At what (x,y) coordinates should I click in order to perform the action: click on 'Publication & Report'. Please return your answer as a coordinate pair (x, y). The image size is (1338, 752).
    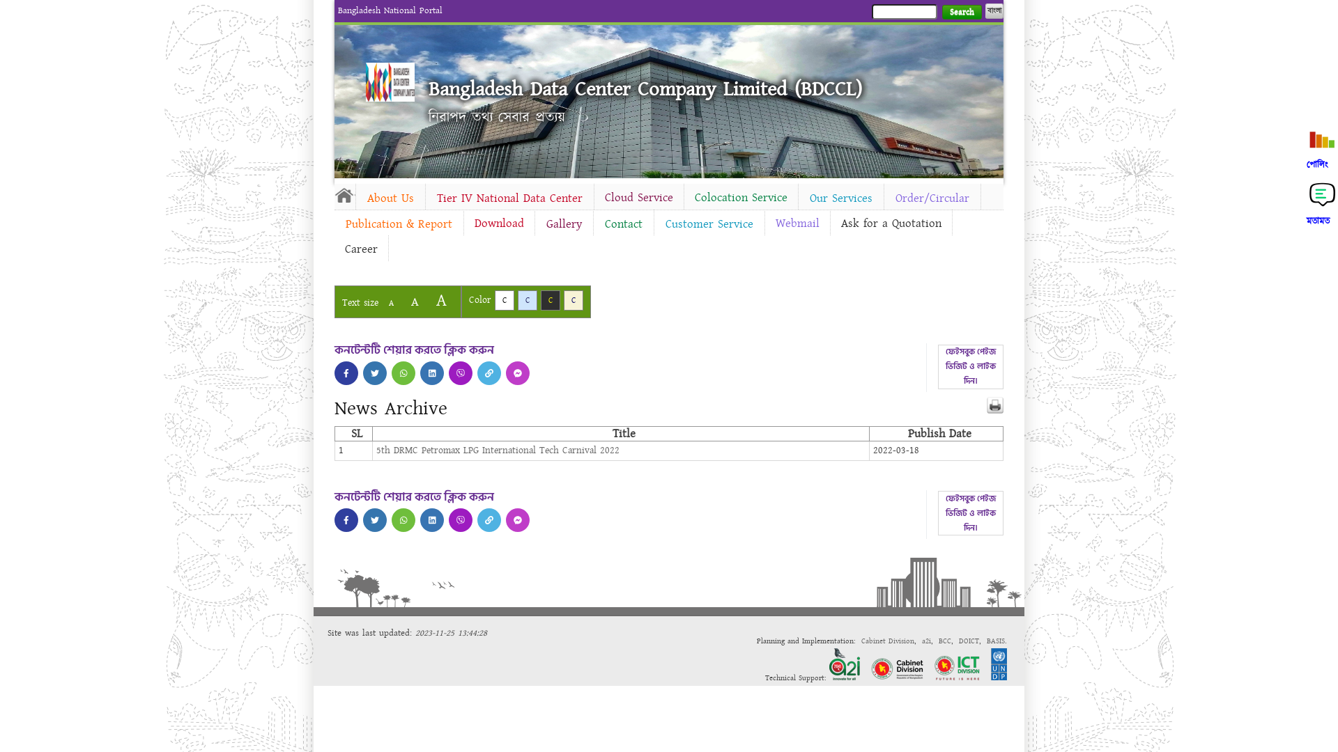
    Looking at the image, I should click on (334, 223).